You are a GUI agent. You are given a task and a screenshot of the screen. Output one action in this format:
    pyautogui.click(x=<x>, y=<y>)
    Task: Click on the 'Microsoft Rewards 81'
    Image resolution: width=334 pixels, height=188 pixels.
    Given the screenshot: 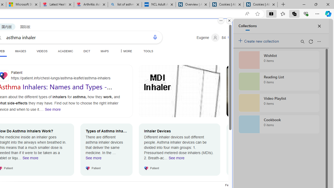 What is the action you would take?
    pyautogui.click(x=229, y=37)
    